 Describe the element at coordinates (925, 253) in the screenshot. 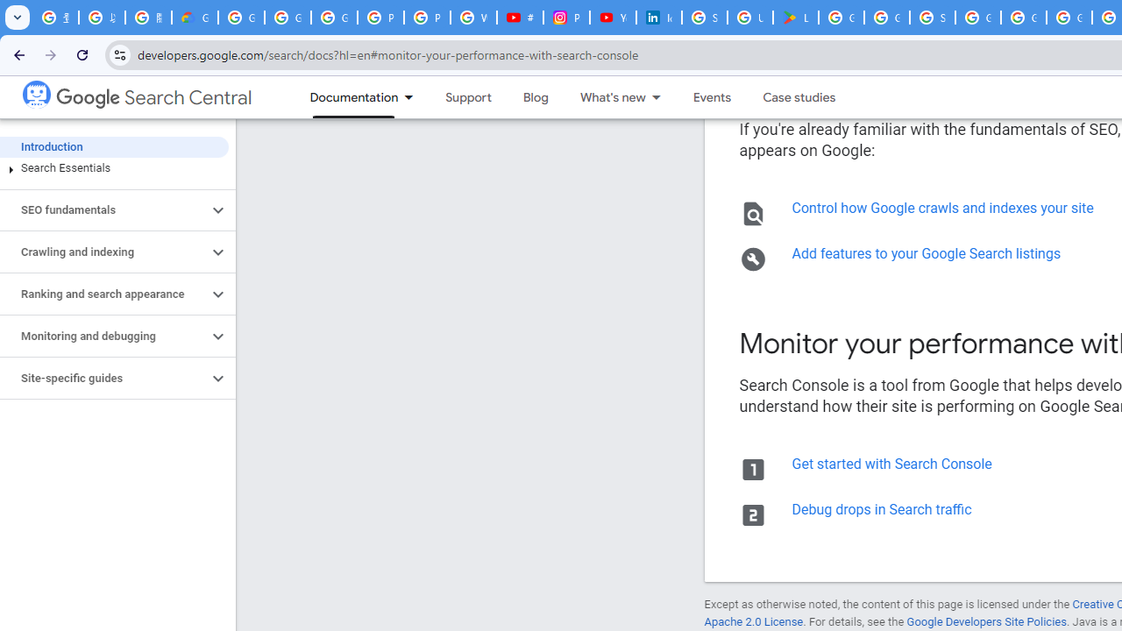

I see `'Add features to your Google Search listings'` at that location.